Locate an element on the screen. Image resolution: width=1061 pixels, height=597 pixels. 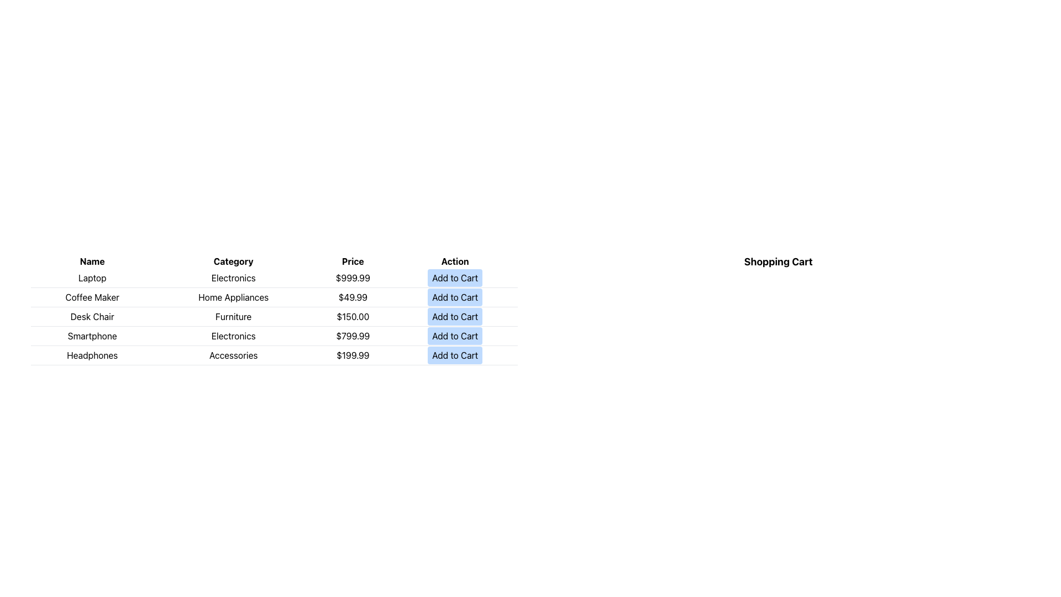
the 'Add Headphones to Cart' button located in the last row of the table under the 'Action' column is located at coordinates (455, 355).